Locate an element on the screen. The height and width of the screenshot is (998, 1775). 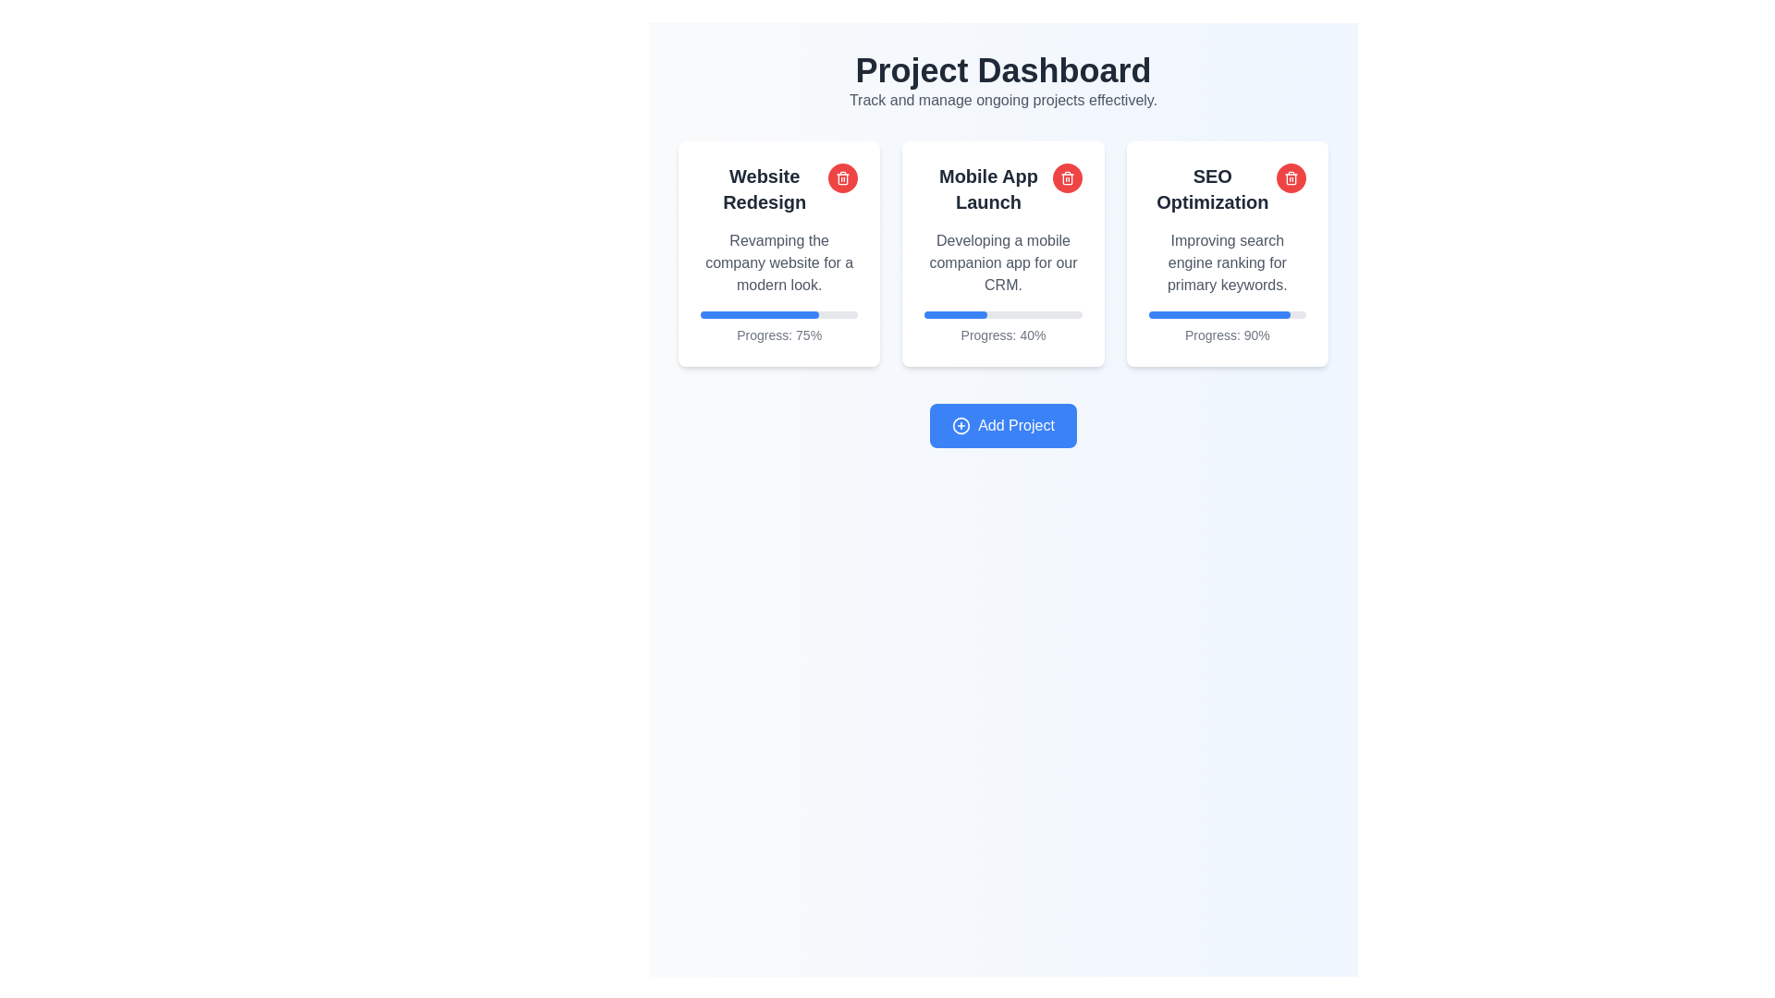
the static text that provides context for the 'Project Dashboard' section, located beneath the header text is located at coordinates (1002, 100).